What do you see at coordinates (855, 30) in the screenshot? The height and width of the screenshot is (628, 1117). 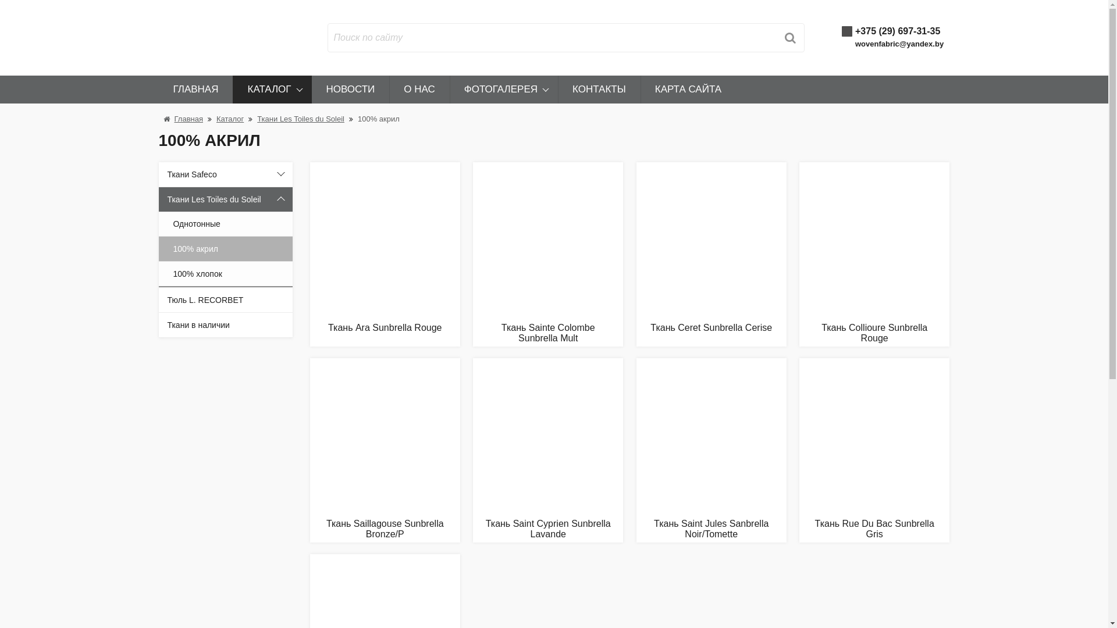 I see `'+375 (29) 697-31-35'` at bounding box center [855, 30].